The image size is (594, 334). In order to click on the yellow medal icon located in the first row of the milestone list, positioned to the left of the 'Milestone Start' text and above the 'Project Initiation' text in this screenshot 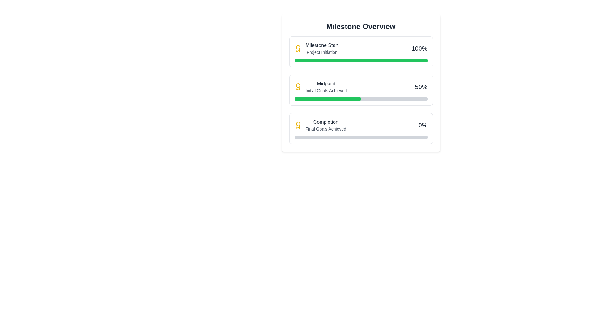, I will do `click(298, 48)`.